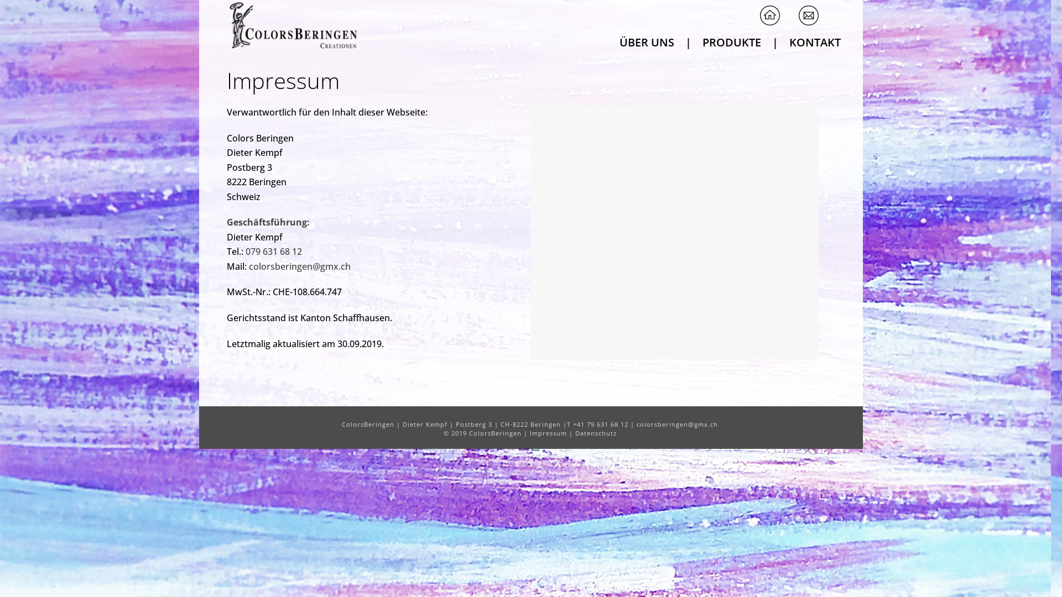 The image size is (1062, 597). I want to click on '079 631 68 12', so click(273, 252).